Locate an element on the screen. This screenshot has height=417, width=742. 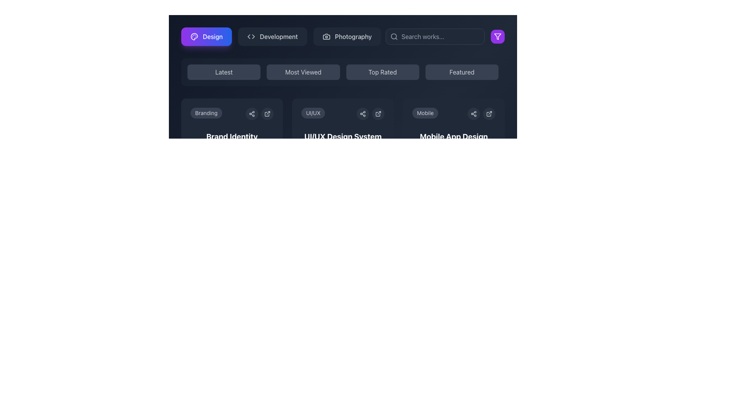
the bold, white text label 'UI/UX Design System' to change its color to purple is located at coordinates (342, 136).